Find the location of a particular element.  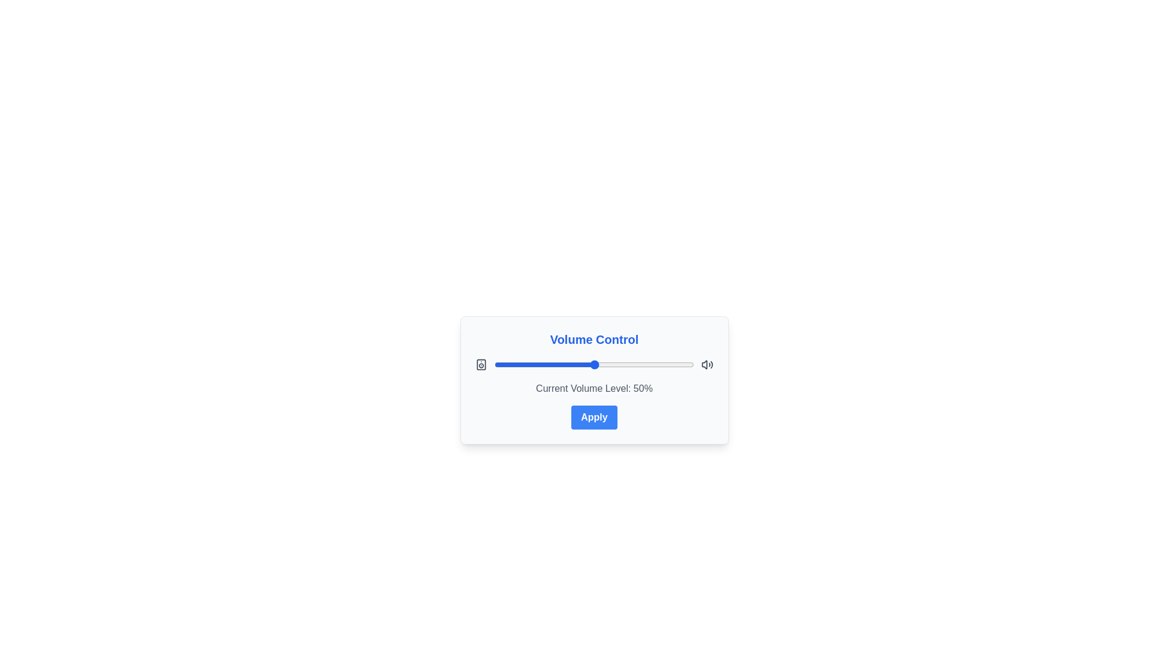

the volume level is located at coordinates (686, 364).